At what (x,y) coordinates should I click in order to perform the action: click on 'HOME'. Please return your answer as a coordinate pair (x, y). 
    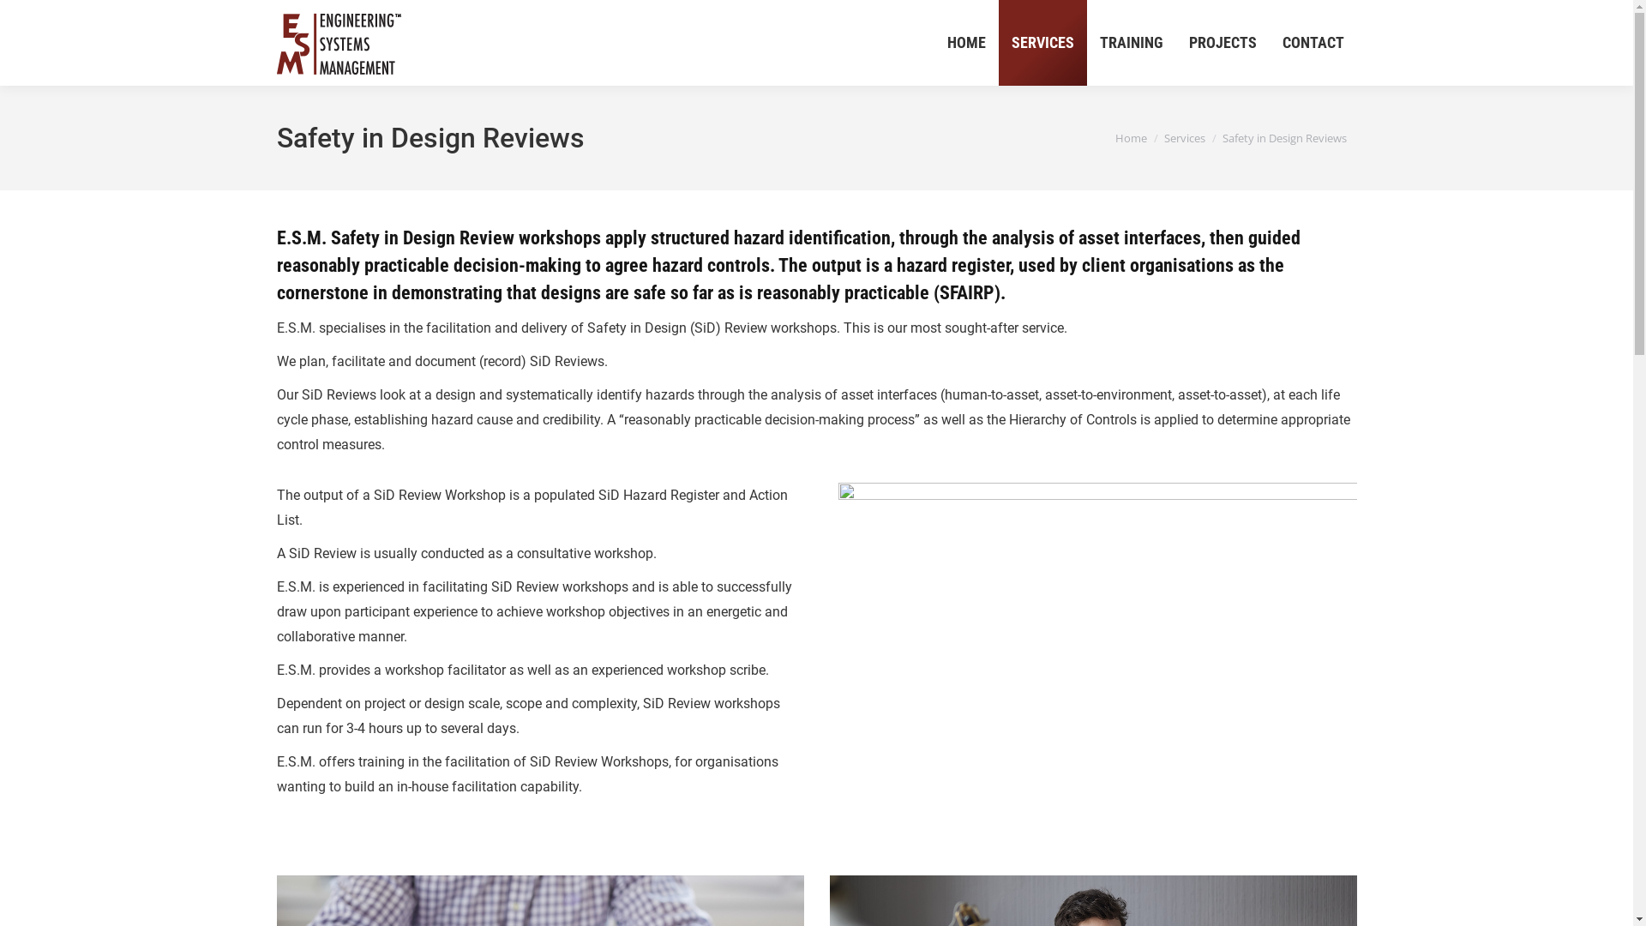
    Looking at the image, I should click on (966, 42).